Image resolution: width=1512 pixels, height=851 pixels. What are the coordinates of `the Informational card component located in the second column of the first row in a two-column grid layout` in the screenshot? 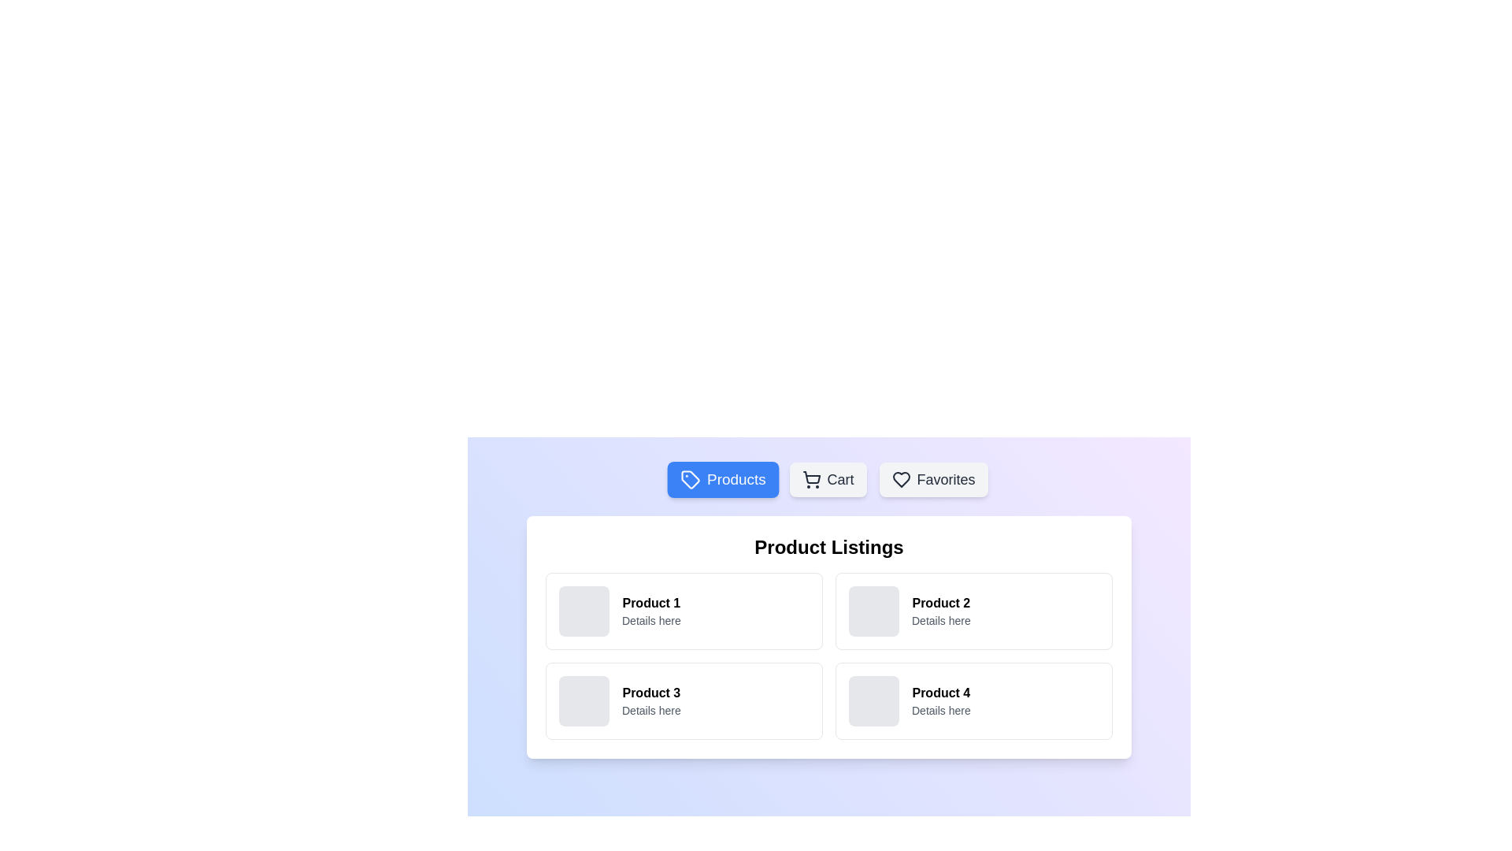 It's located at (973, 610).